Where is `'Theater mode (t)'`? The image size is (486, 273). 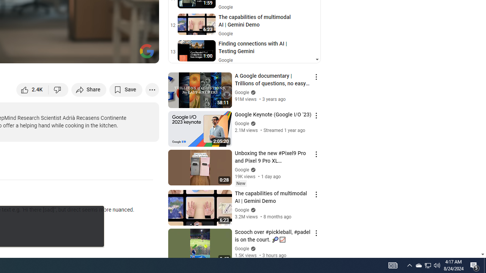
'Theater mode (t)' is located at coordinates (127, 53).